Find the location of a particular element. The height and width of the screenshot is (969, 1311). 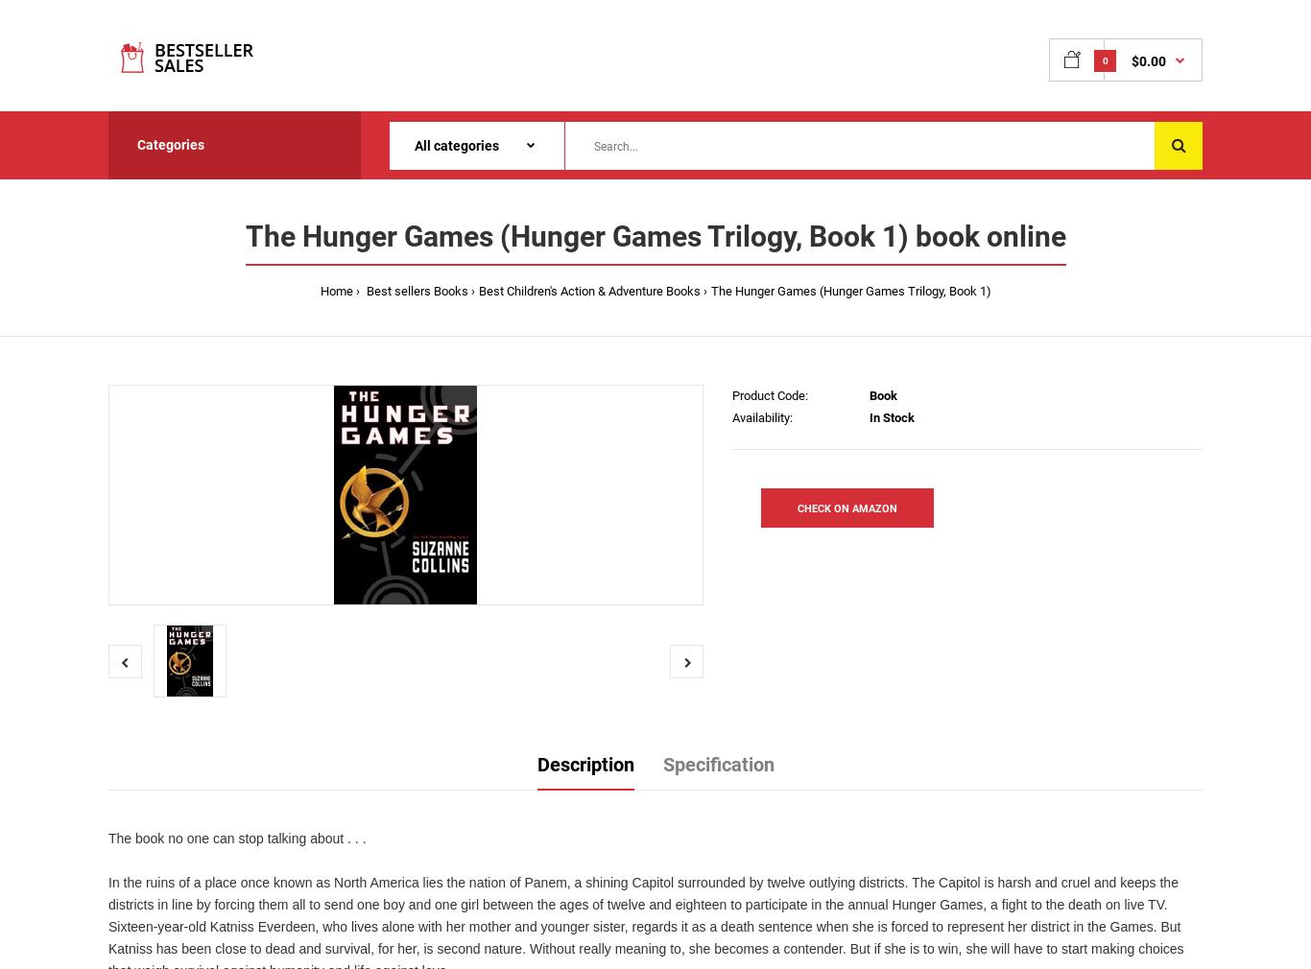

'Your shopping cart is empty!' is located at coordinates (957, 172).